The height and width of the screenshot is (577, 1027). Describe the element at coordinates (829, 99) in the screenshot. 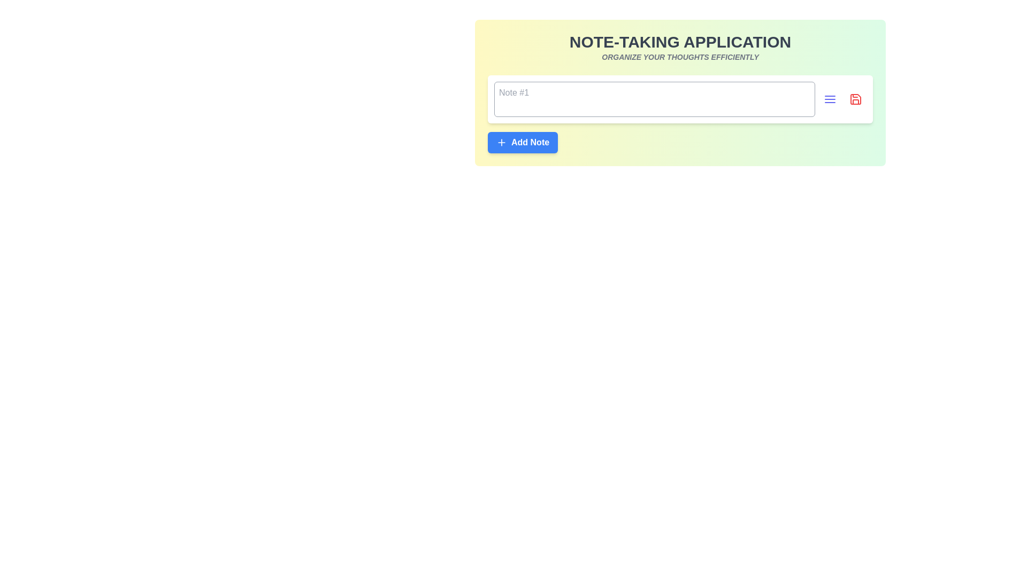

I see `the formatting options button located to the right of the input box, which is the second button from the left` at that location.